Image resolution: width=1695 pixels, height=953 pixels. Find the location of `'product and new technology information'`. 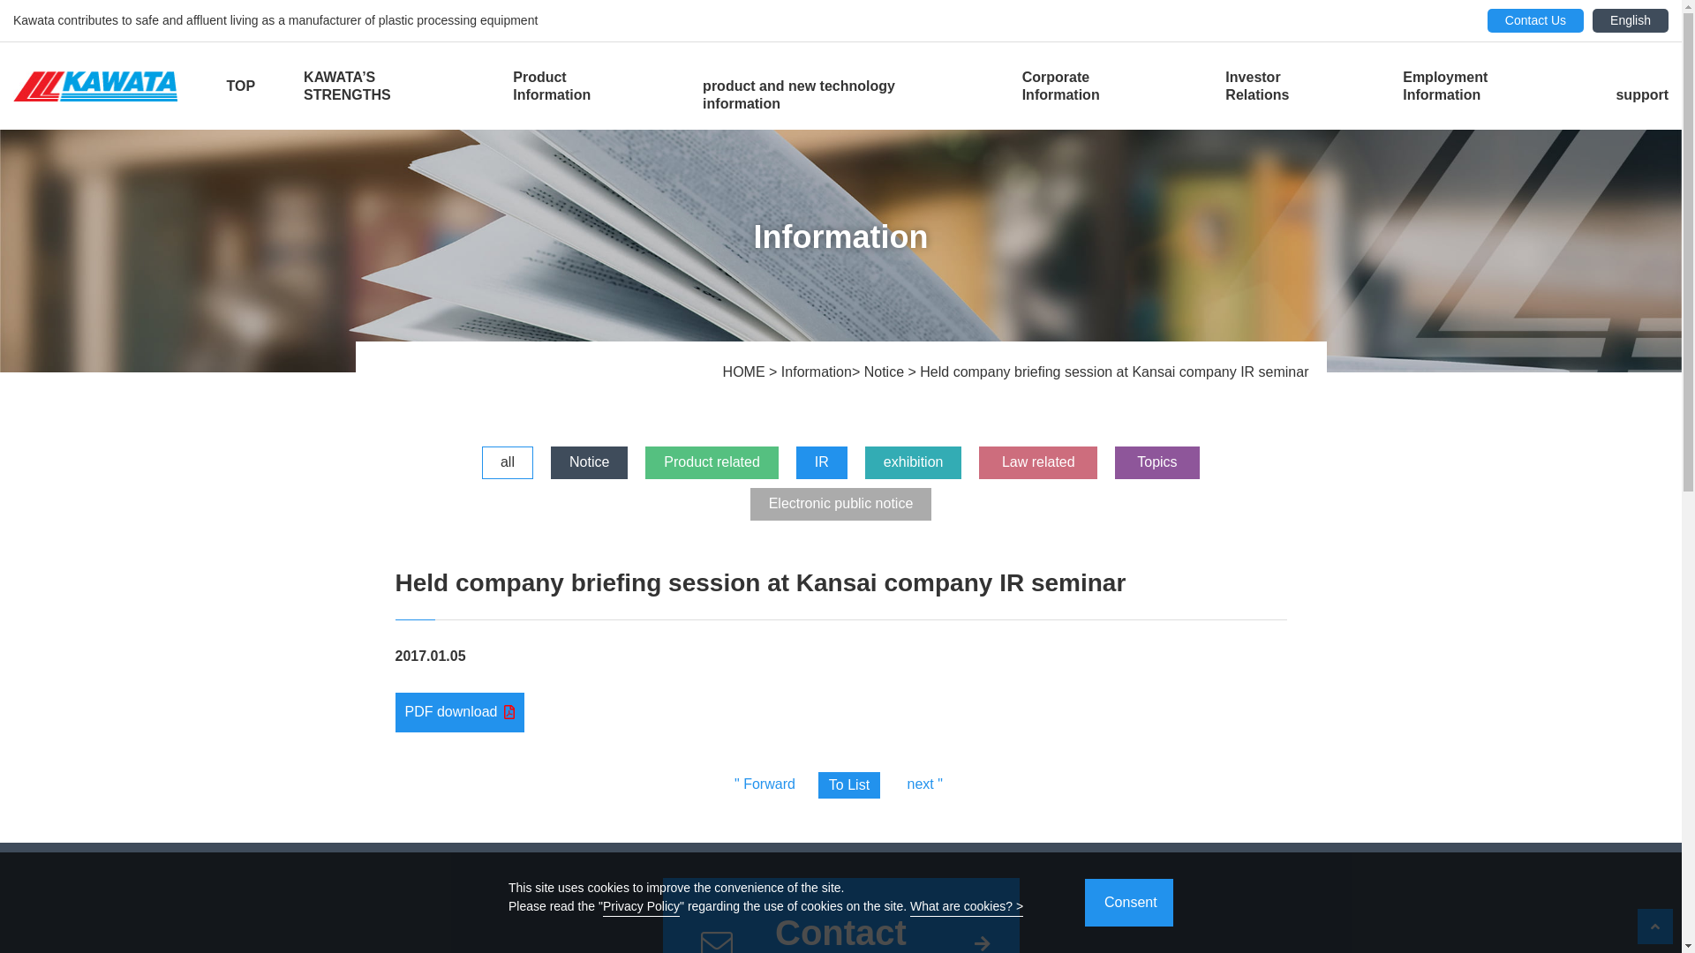

'product and new technology information' is located at coordinates (837, 94).